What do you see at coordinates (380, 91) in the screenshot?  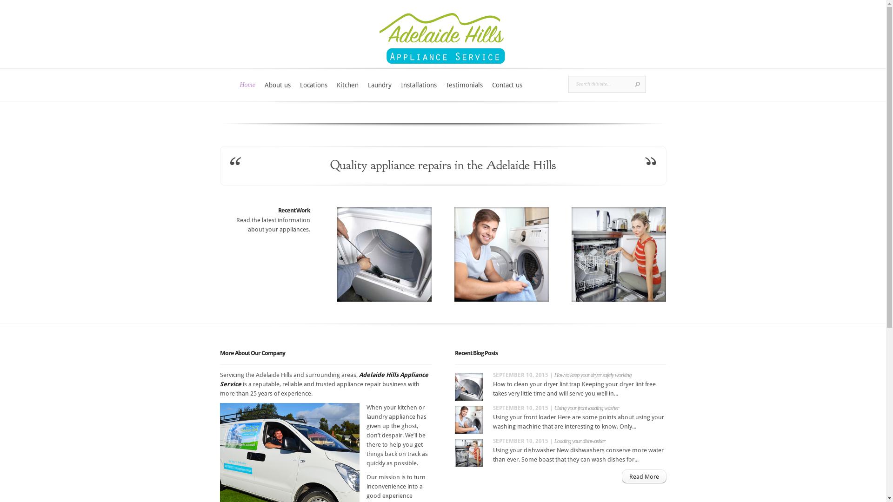 I see `'Laundry'` at bounding box center [380, 91].